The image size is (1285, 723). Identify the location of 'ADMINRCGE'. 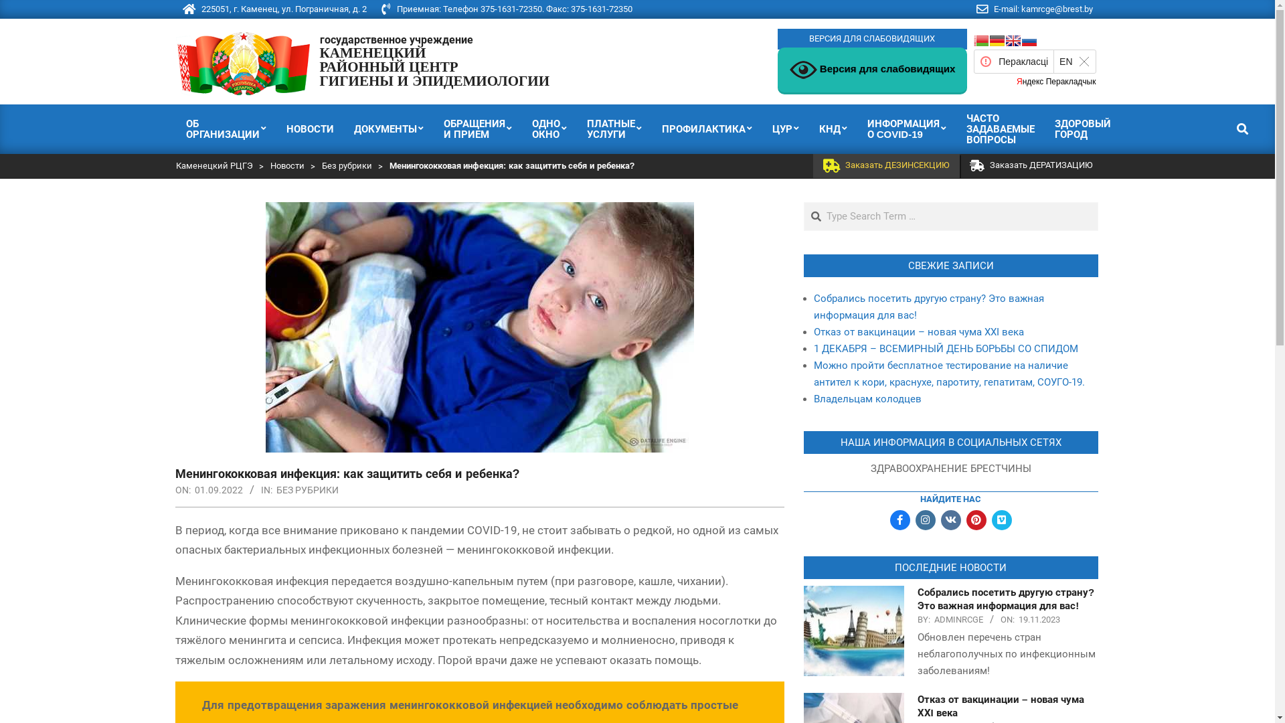
(958, 619).